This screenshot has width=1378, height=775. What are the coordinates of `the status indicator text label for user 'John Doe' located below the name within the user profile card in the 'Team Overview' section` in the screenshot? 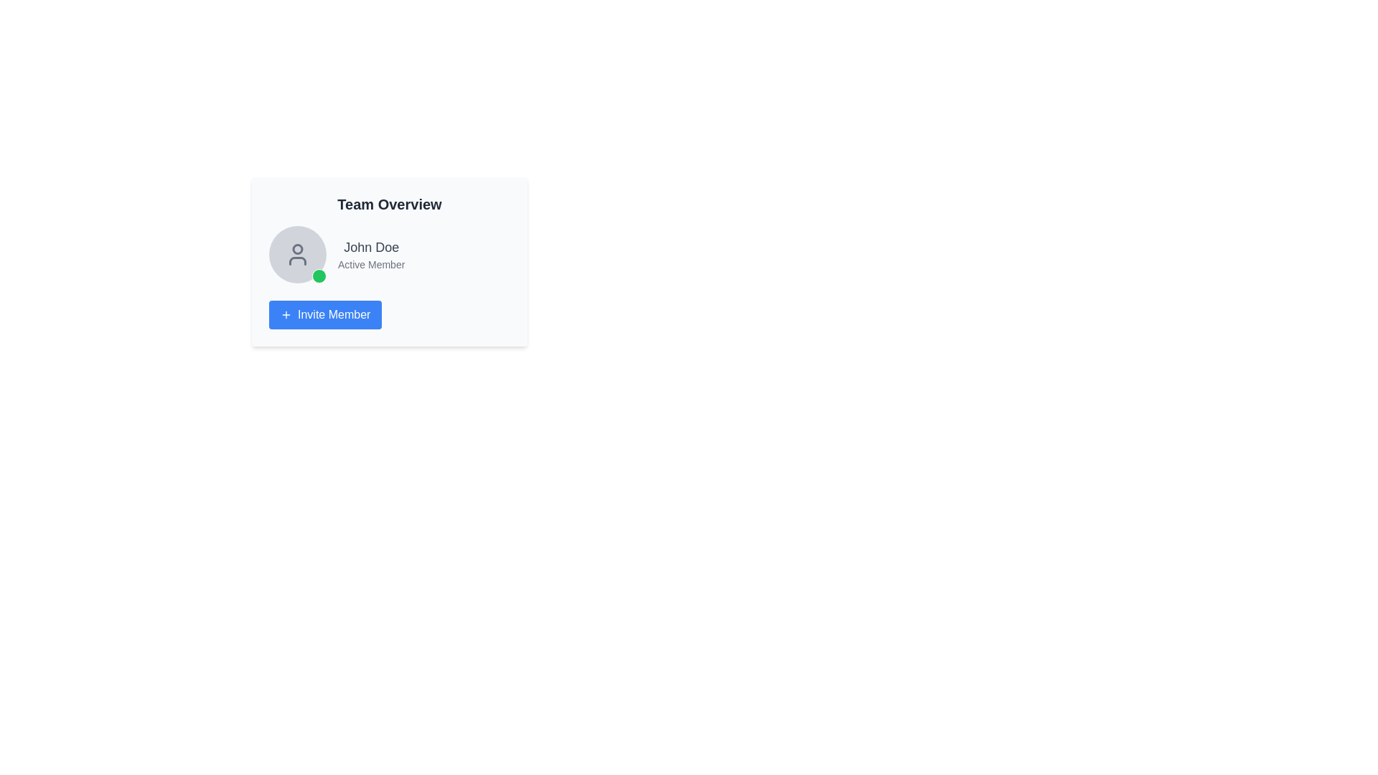 It's located at (371, 265).